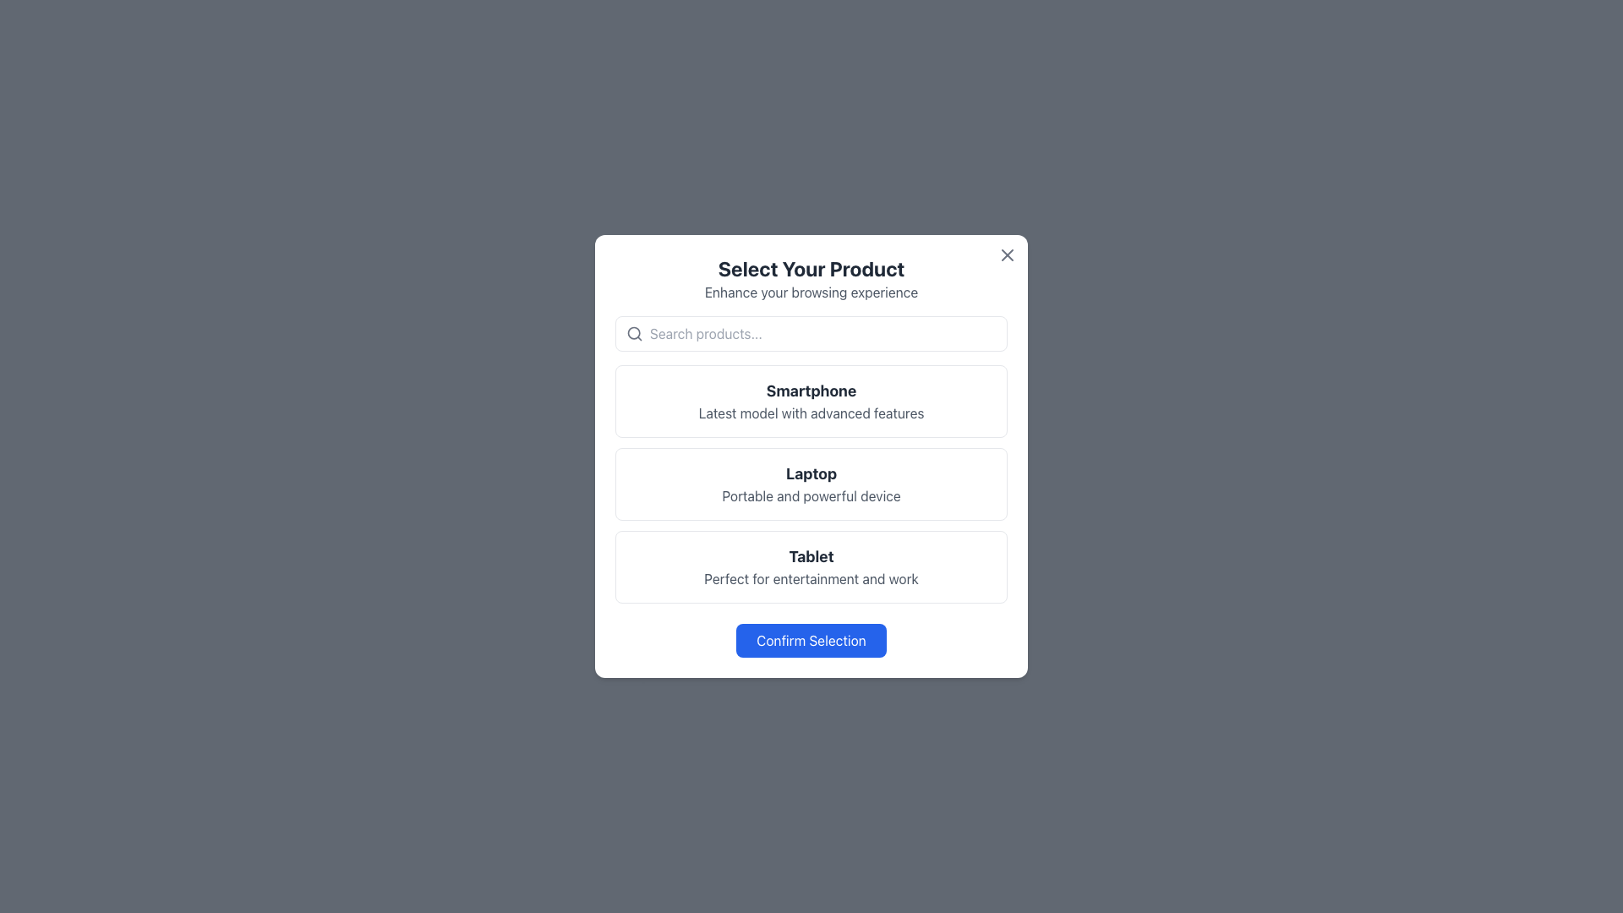 Image resolution: width=1623 pixels, height=913 pixels. What do you see at coordinates (811, 641) in the screenshot?
I see `the 'Confirm Selection' button, which is a rectangular button with a blue background and white text, located at the bottom-center of the dialog box` at bounding box center [811, 641].